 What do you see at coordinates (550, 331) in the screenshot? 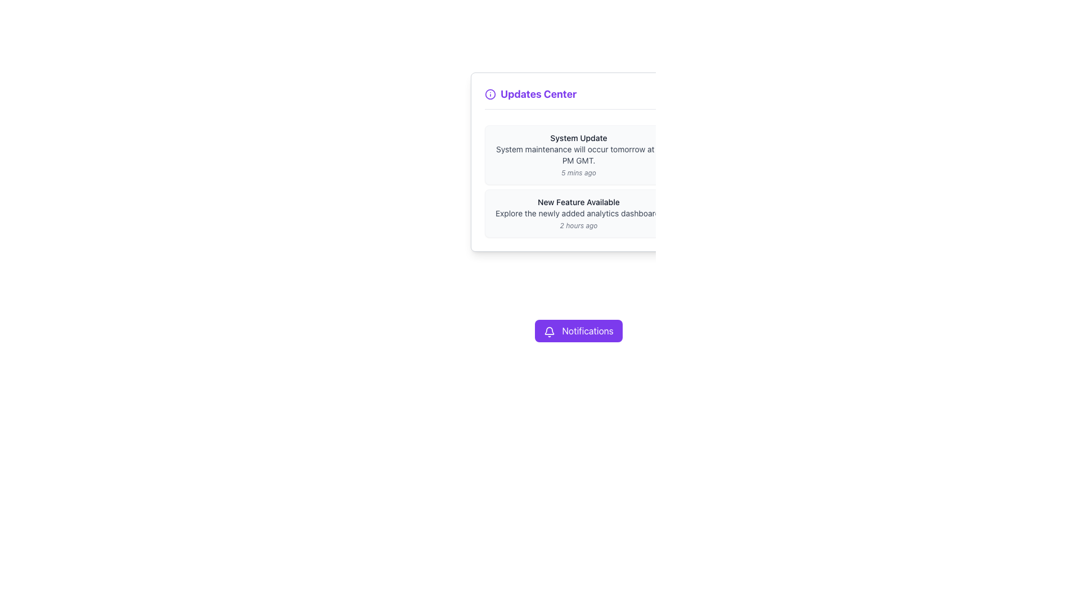
I see `the bell icon, which is a minimalistic SVG element styled in violet and located to the left of the 'Notifications' button` at bounding box center [550, 331].